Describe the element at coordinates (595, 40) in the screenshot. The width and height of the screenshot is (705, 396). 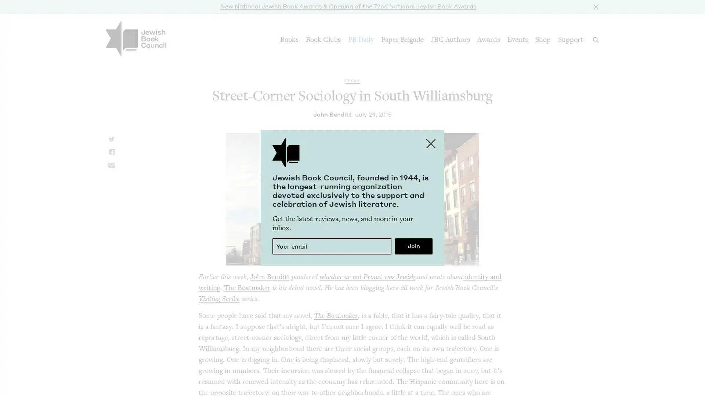
I see `Search` at that location.